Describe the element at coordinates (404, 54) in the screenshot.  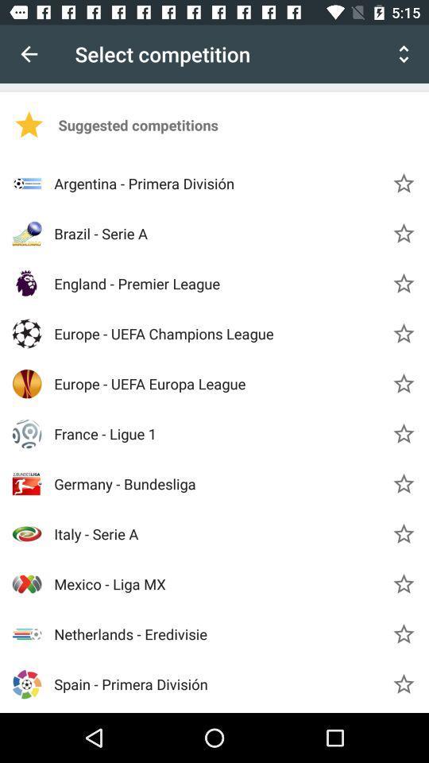
I see `icon to the right of select competition` at that location.